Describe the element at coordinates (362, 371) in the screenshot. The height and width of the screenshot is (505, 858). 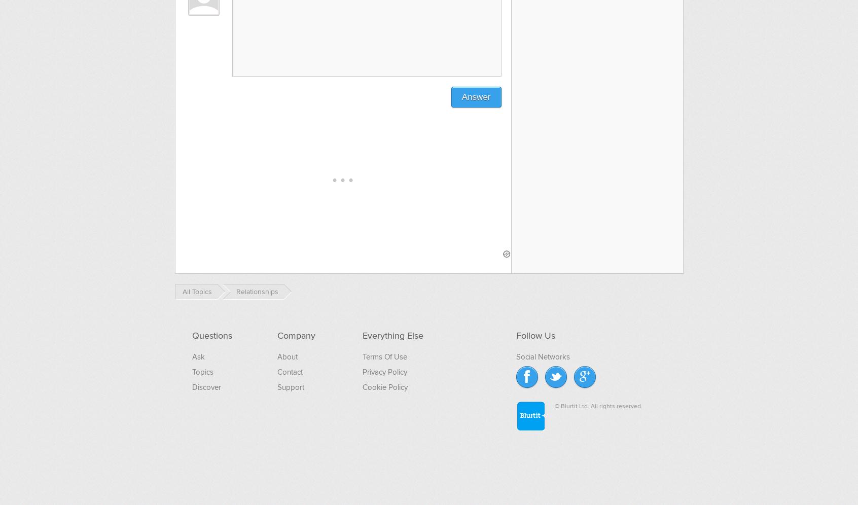
I see `'Privacy Policy'` at that location.